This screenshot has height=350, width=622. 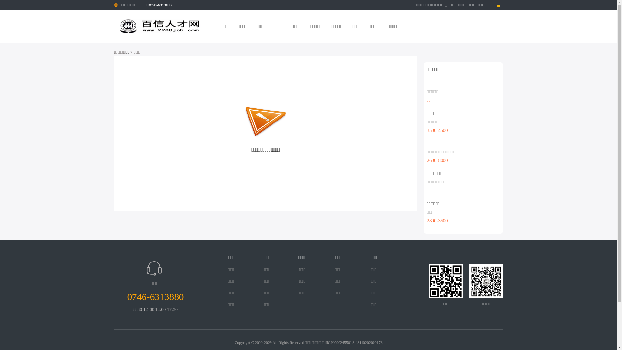 What do you see at coordinates (369, 342) in the screenshot?
I see `'43110202000178'` at bounding box center [369, 342].